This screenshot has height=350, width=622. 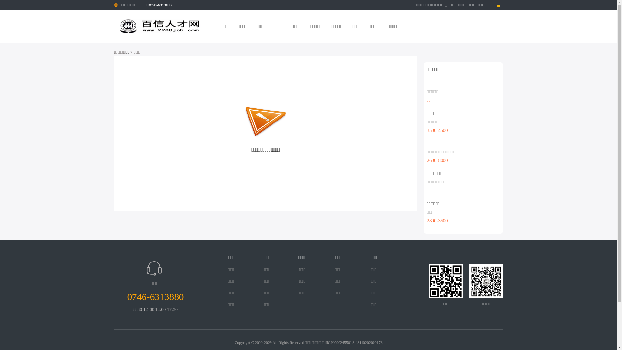 What do you see at coordinates (369, 342) in the screenshot?
I see `'43110202000178'` at bounding box center [369, 342].